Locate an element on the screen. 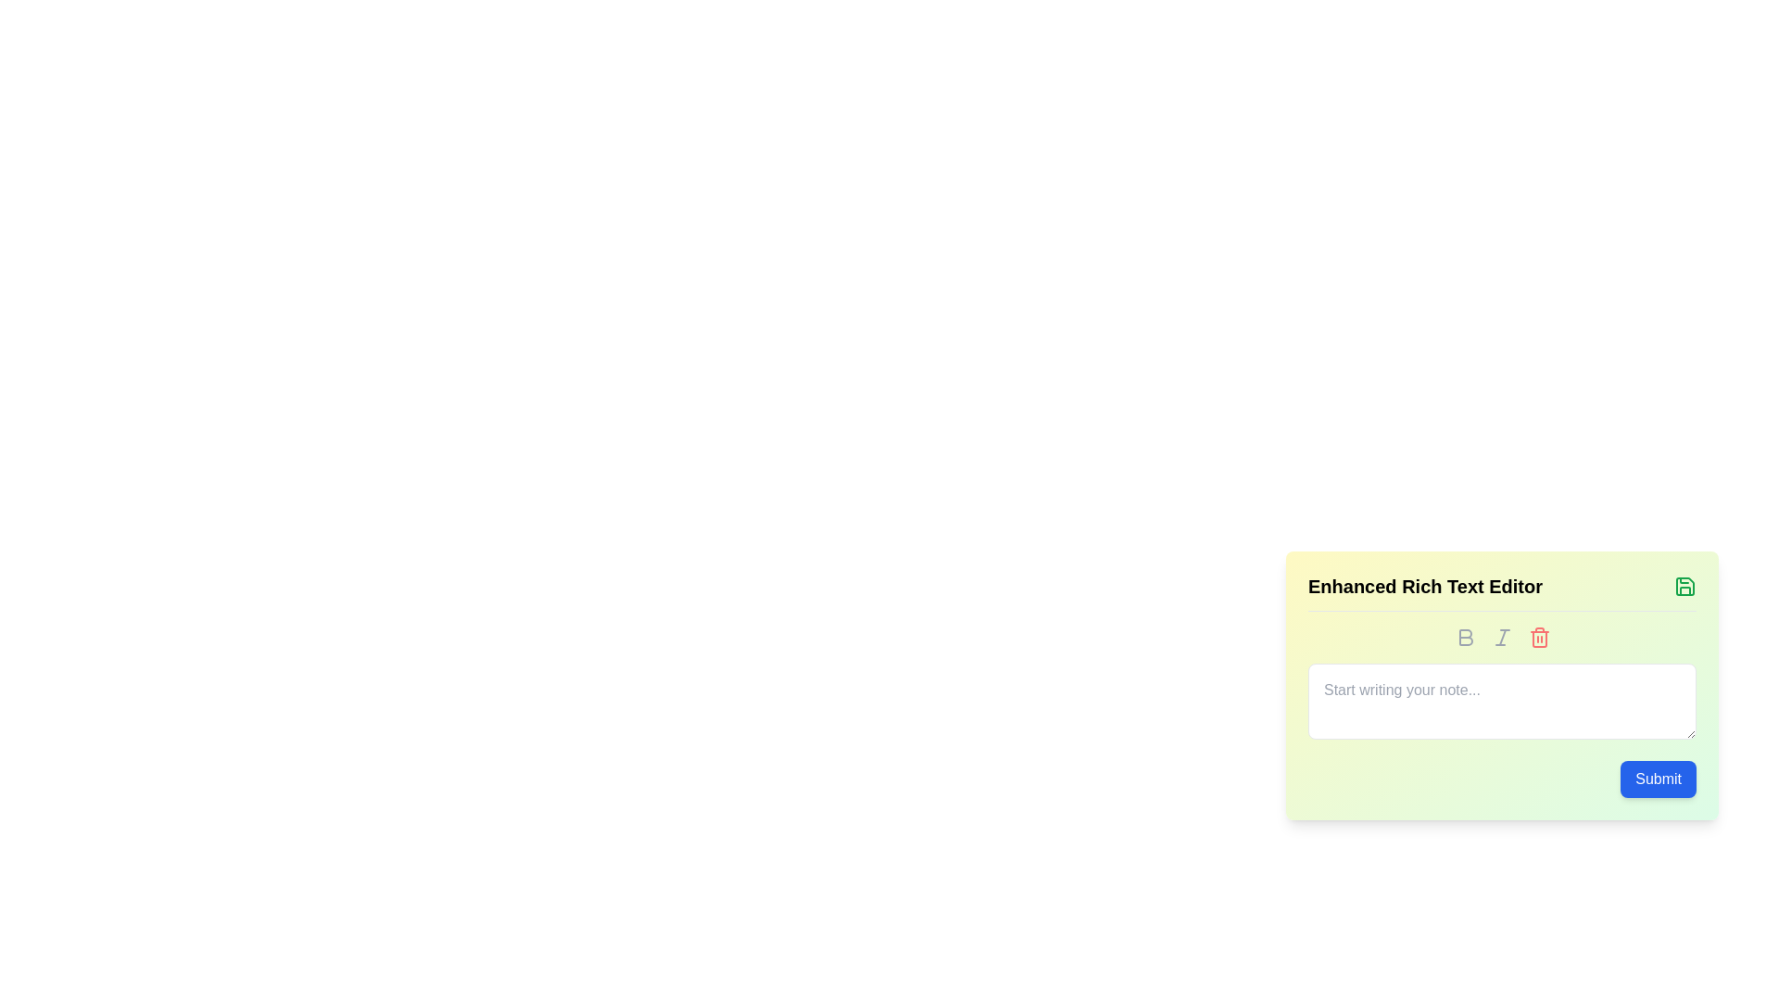 This screenshot has width=1779, height=1001. the bold formatting button in the Enhanced Rich Text Editor toolbar is located at coordinates (1464, 636).